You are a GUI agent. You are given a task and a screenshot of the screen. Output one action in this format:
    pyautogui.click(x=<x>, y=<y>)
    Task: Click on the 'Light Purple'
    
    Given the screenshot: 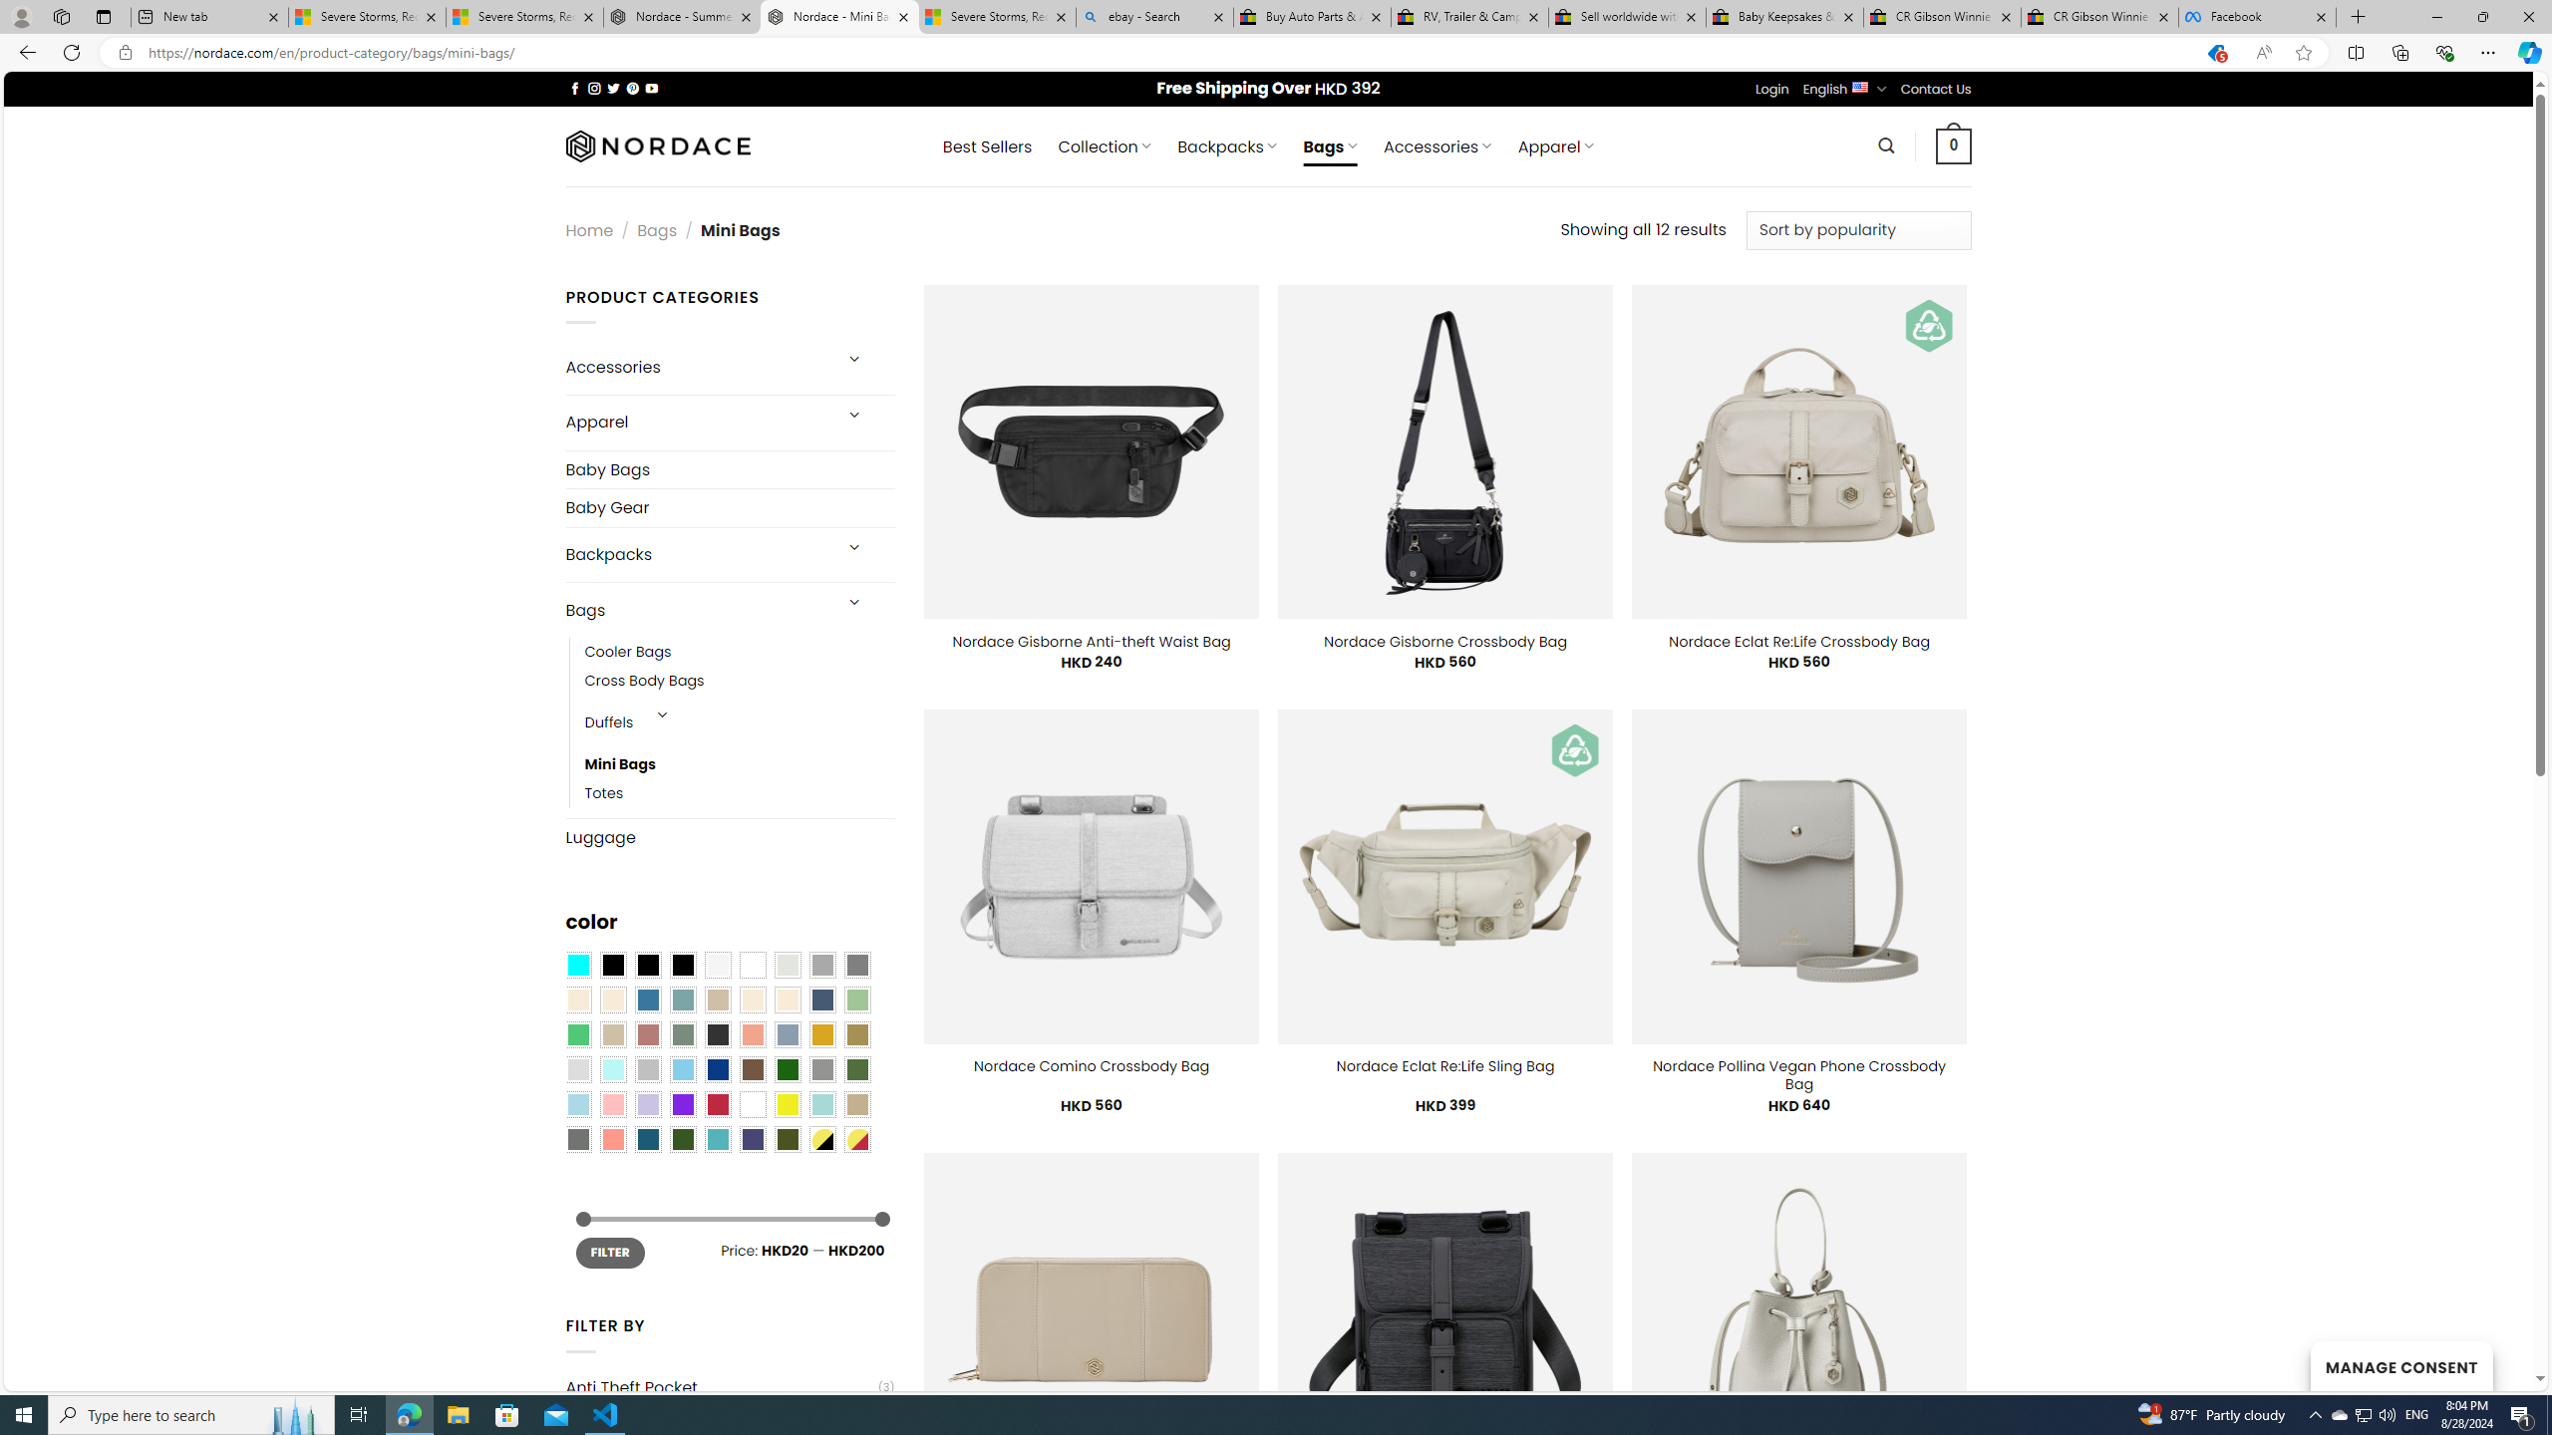 What is the action you would take?
    pyautogui.click(x=647, y=1103)
    